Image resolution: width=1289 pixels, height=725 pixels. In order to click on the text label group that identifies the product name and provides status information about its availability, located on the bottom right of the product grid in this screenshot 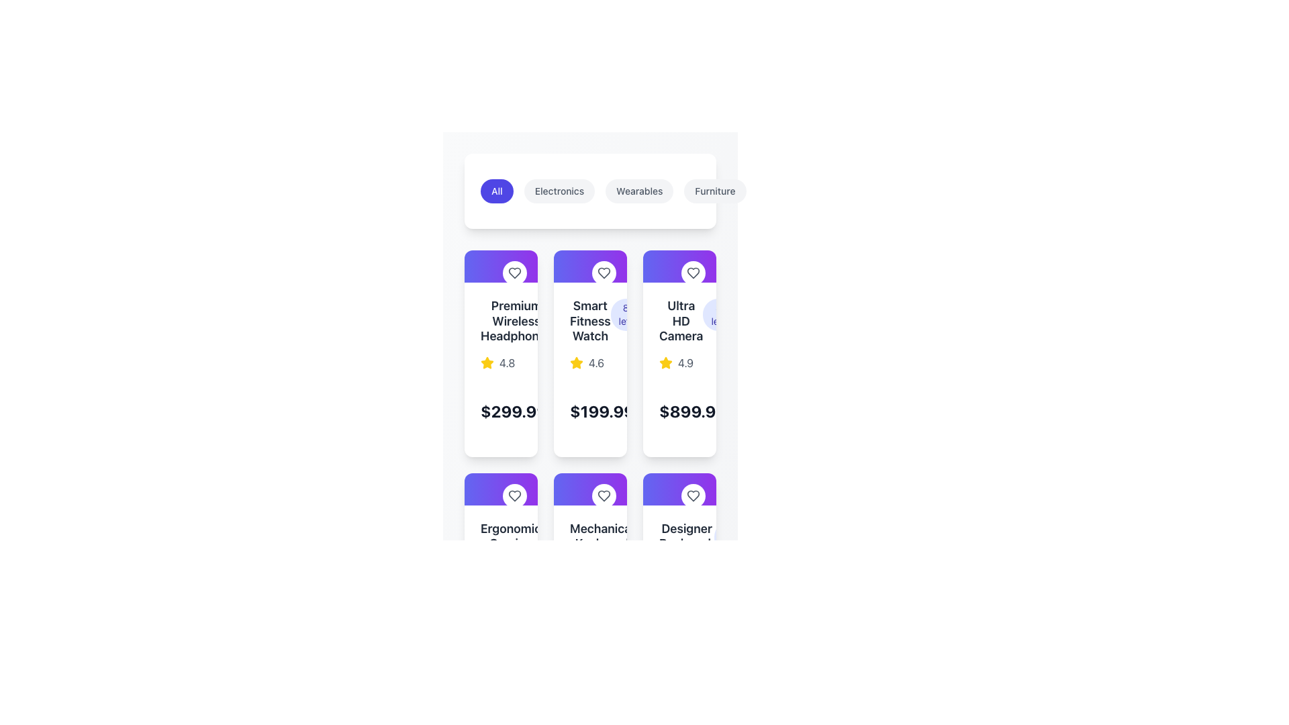, I will do `click(679, 536)`.